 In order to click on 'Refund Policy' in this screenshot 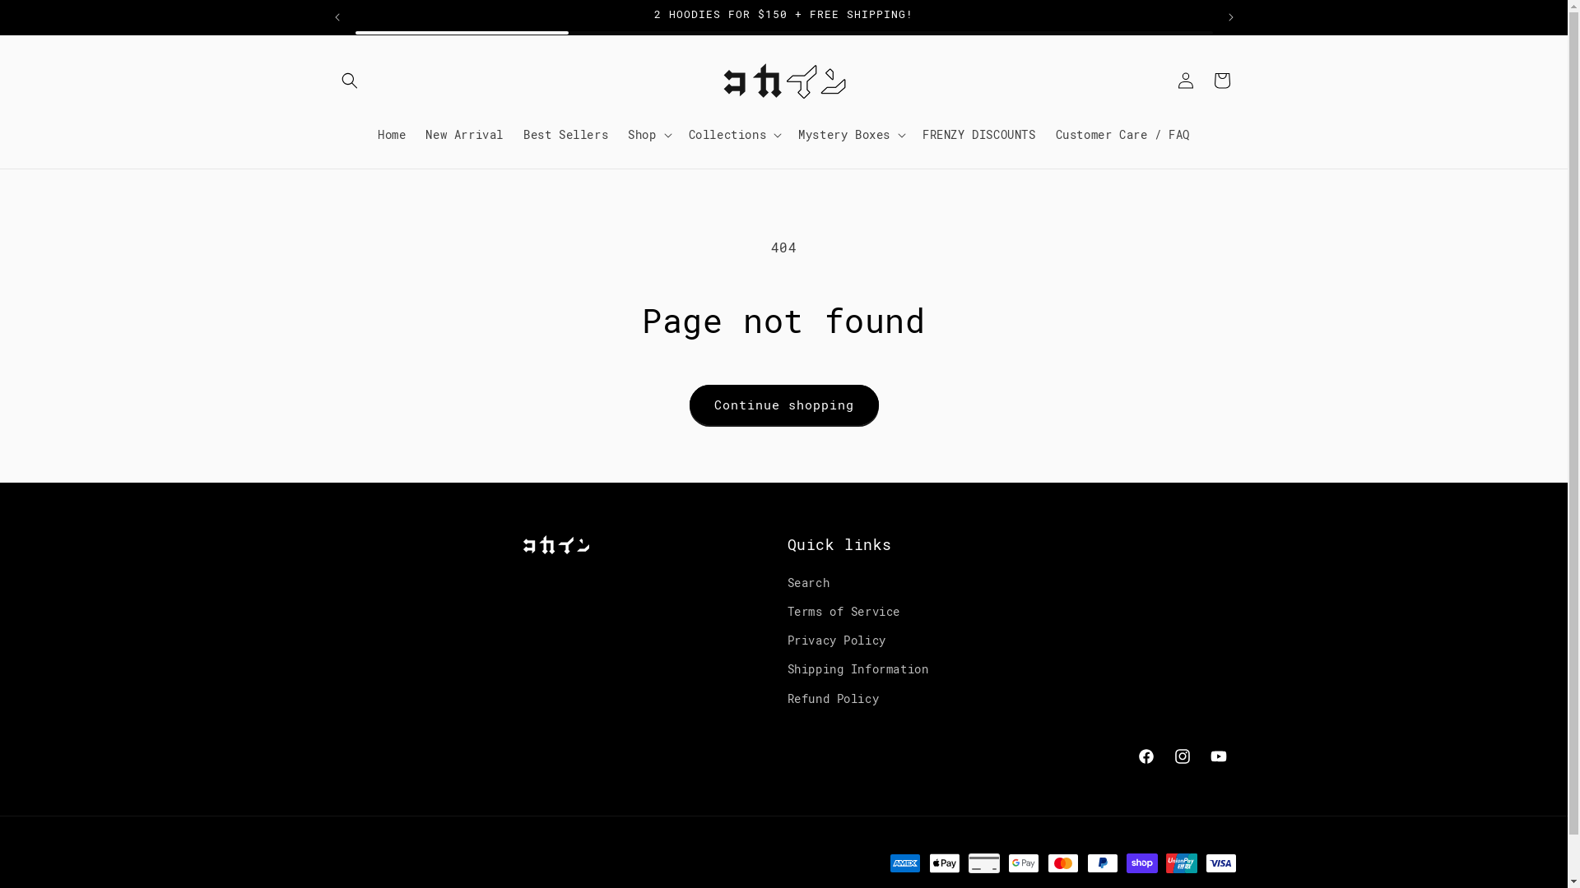, I will do `click(833, 699)`.